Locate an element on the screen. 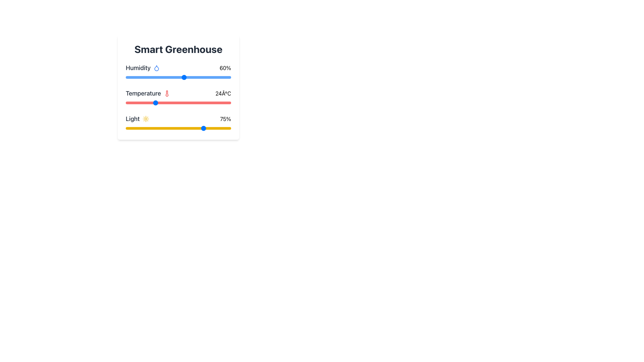 Image resolution: width=644 pixels, height=362 pixels. the temperature is located at coordinates (197, 103).